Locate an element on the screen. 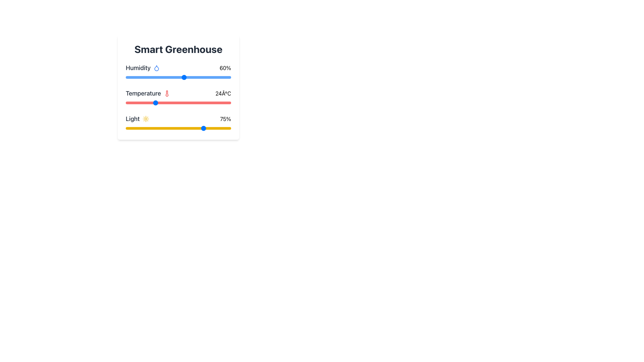 Image resolution: width=644 pixels, height=362 pixels. the temperature is located at coordinates (197, 103).